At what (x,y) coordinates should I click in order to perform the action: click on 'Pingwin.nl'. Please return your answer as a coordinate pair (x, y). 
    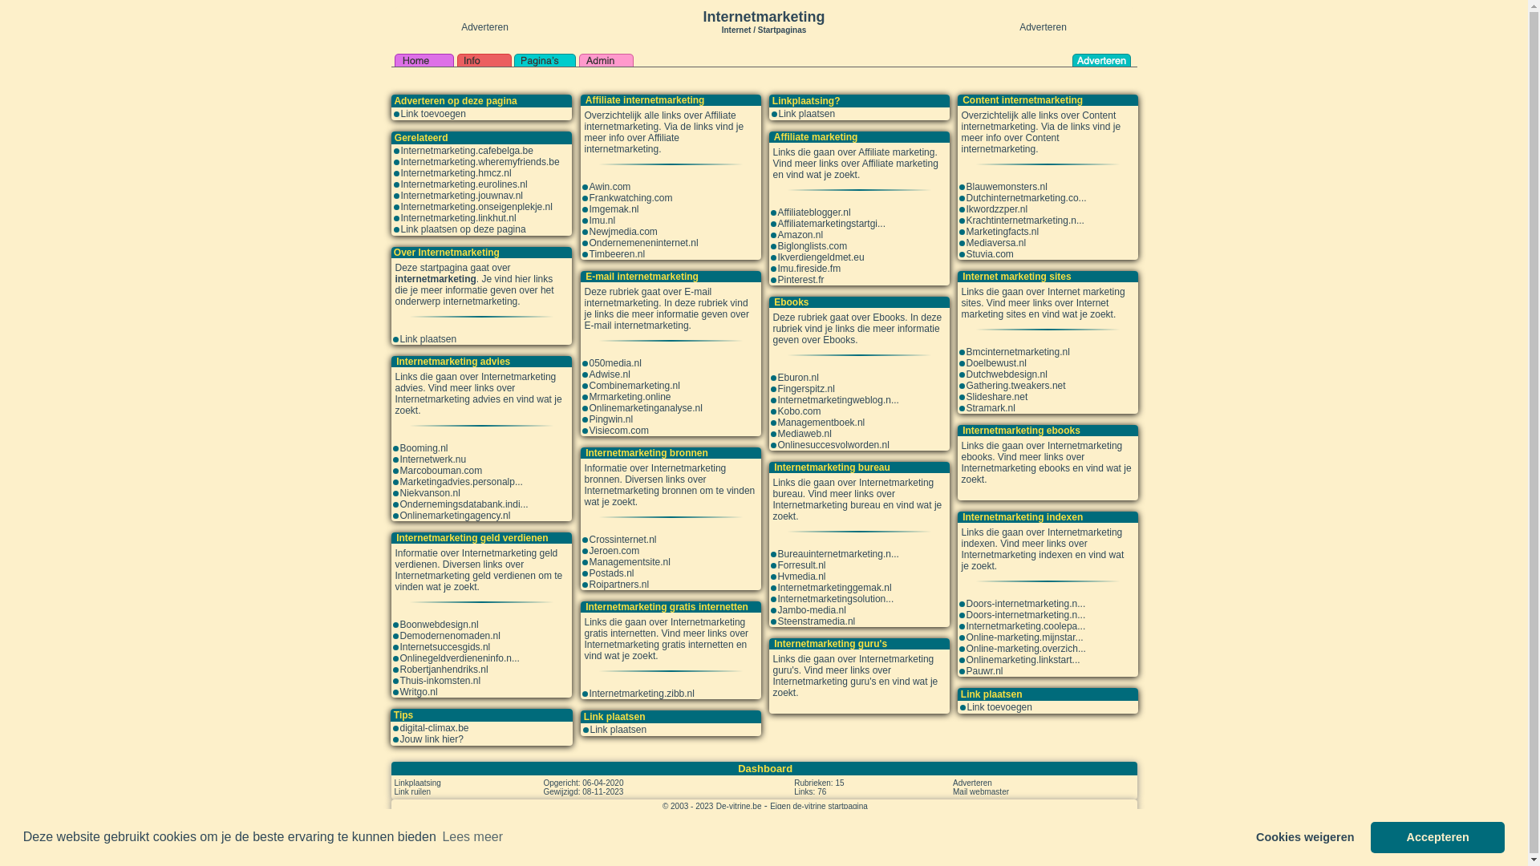
    Looking at the image, I should click on (610, 419).